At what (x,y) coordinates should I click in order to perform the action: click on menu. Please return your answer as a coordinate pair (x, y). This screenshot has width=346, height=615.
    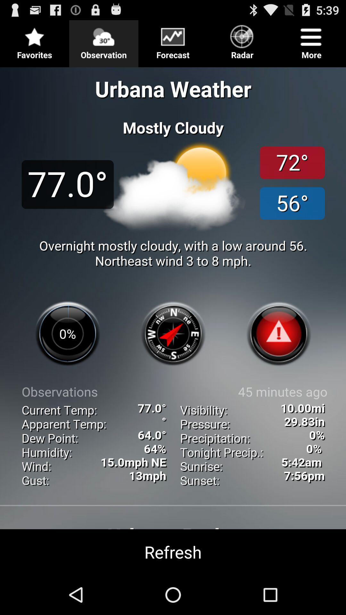
    Looking at the image, I should click on (173, 41).